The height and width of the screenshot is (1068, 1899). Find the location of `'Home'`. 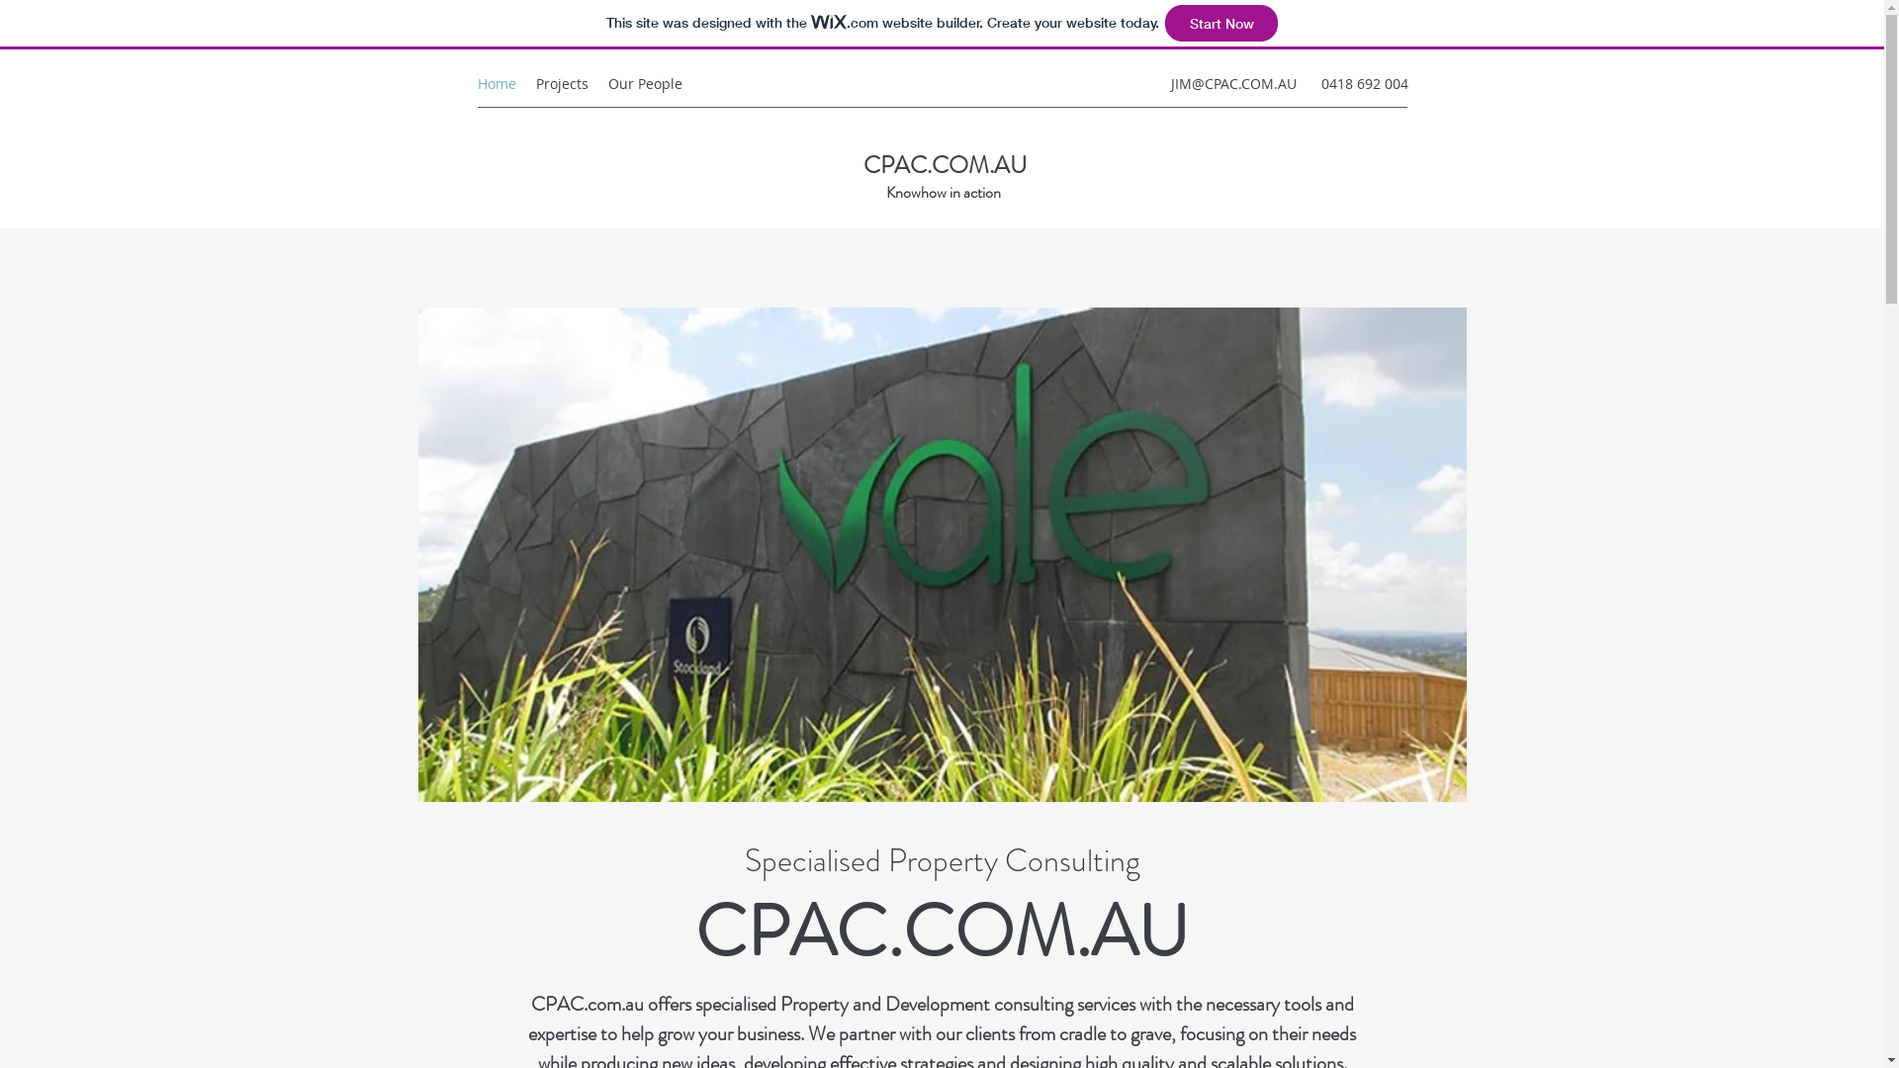

'Home' is located at coordinates (496, 82).